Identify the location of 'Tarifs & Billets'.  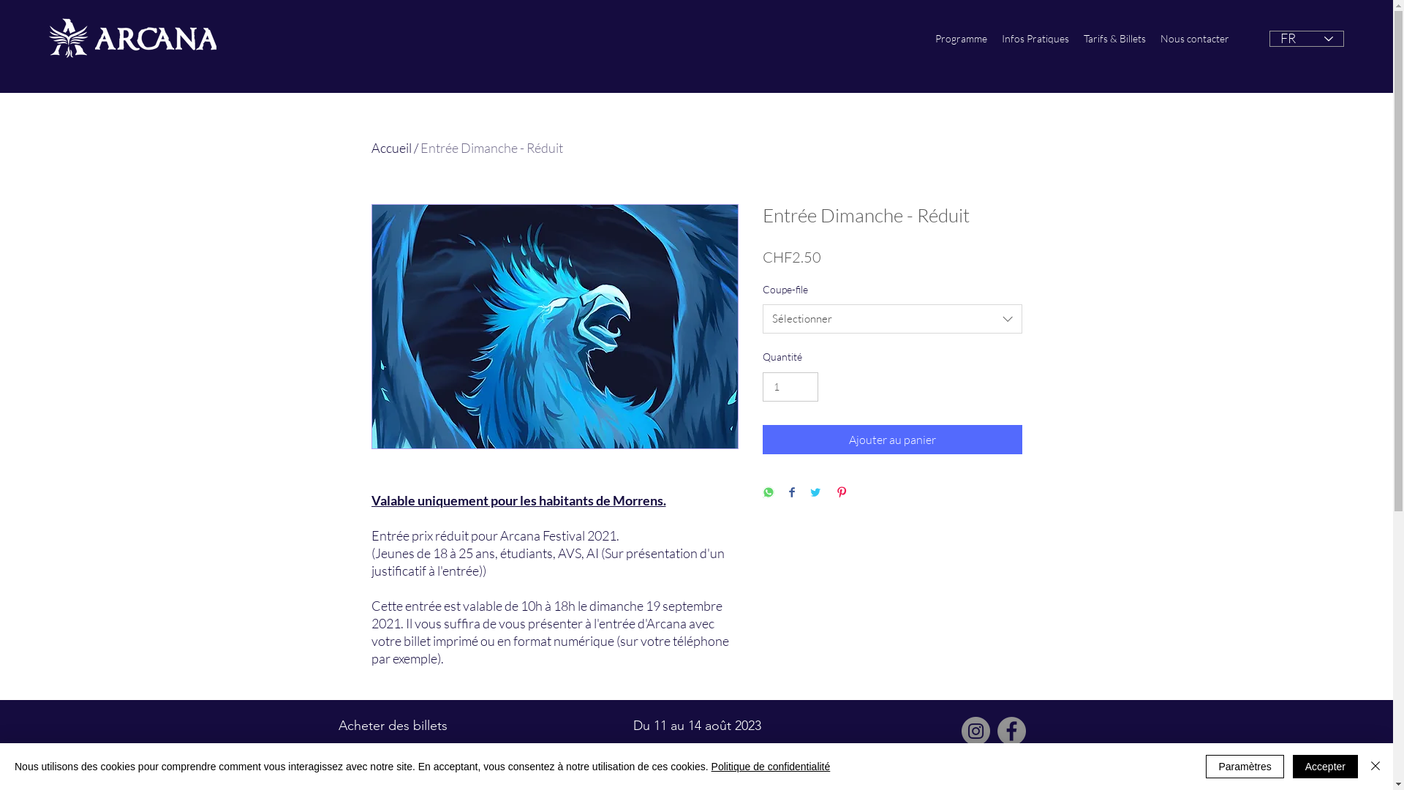
(1114, 38).